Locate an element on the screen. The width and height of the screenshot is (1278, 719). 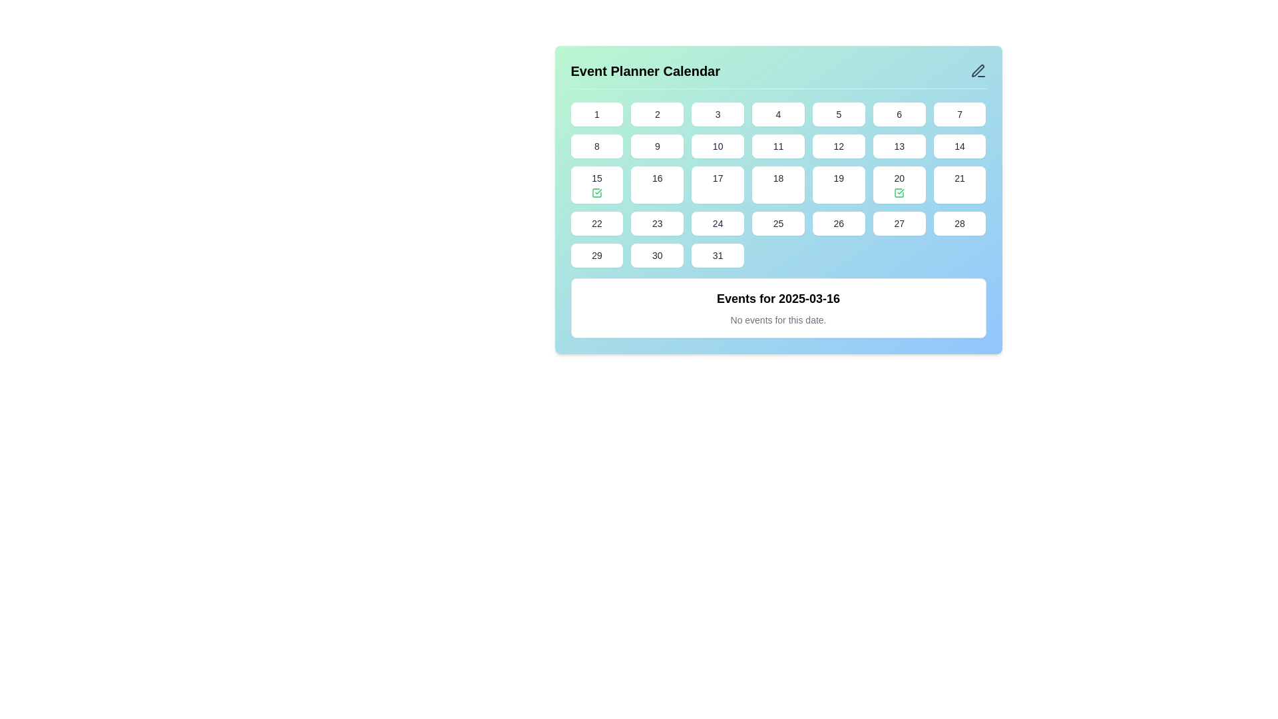
the button-like element displaying the number '29', located in the last row and first column of the calendar grid is located at coordinates (596, 256).